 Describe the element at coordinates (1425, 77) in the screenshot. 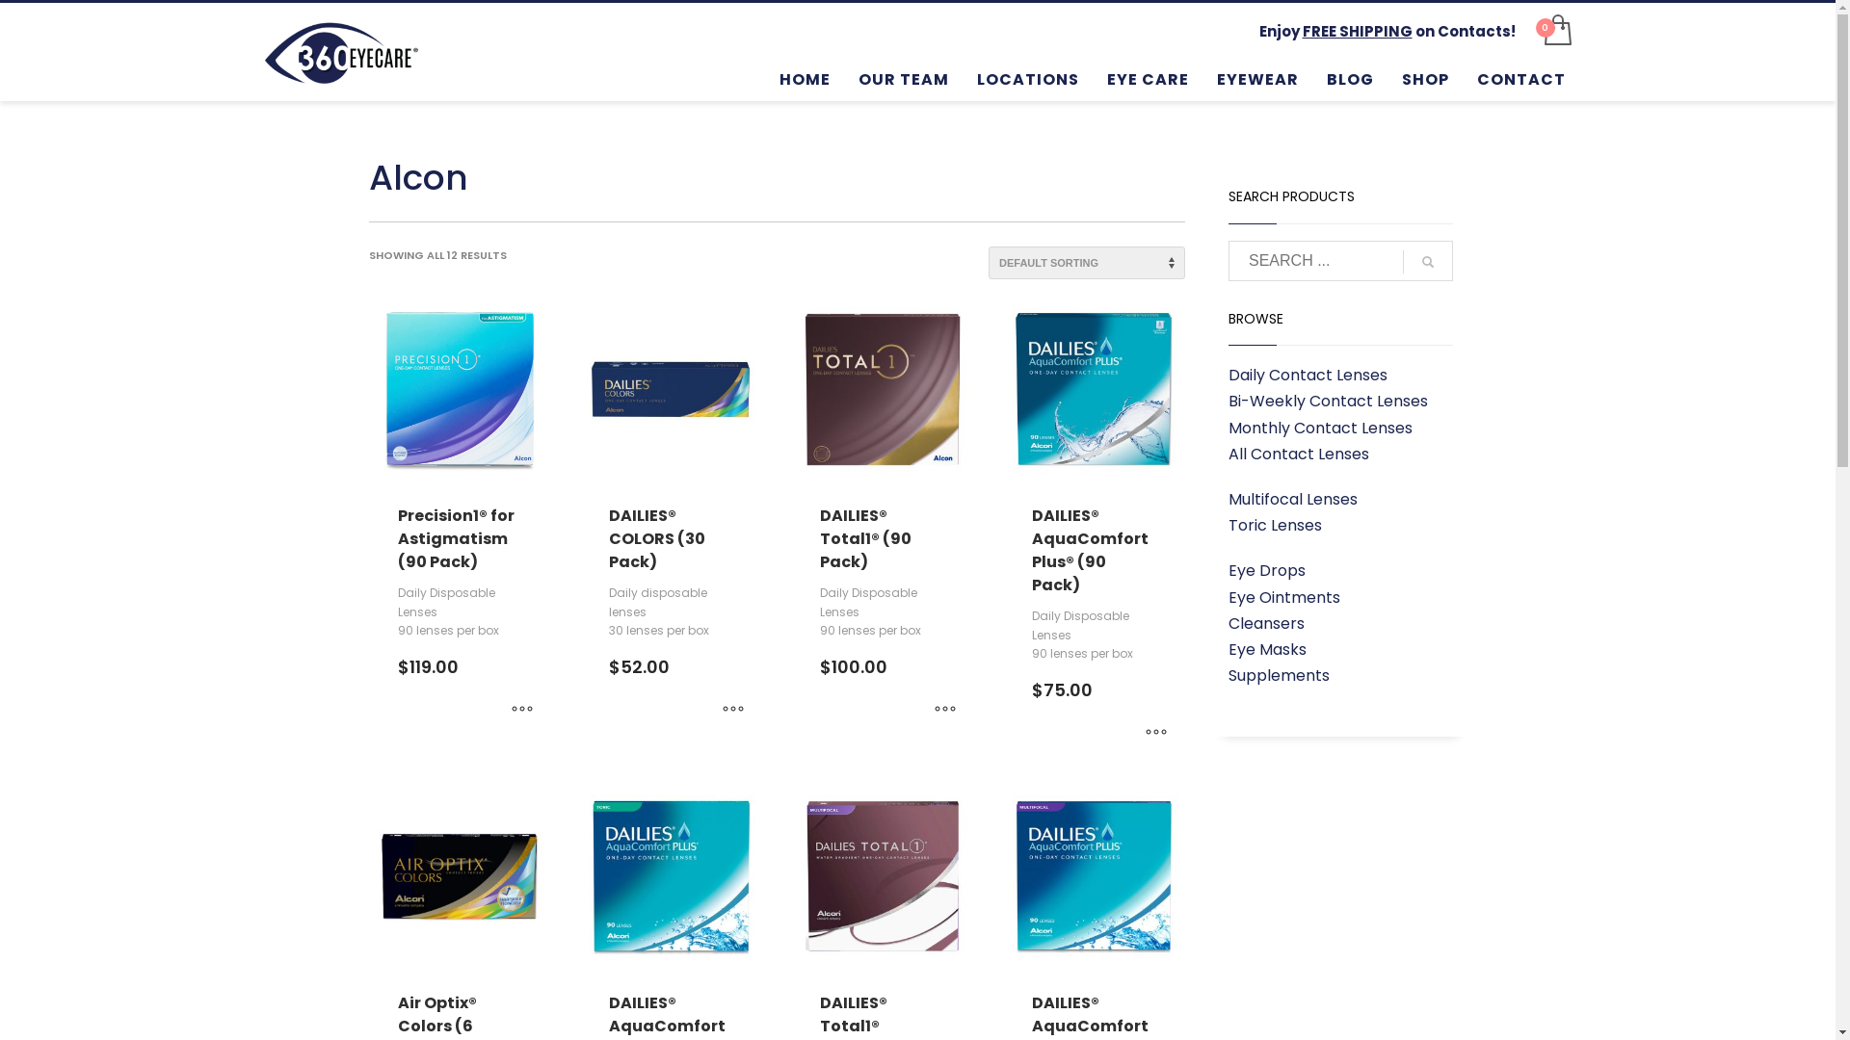

I see `'SHOP'` at that location.